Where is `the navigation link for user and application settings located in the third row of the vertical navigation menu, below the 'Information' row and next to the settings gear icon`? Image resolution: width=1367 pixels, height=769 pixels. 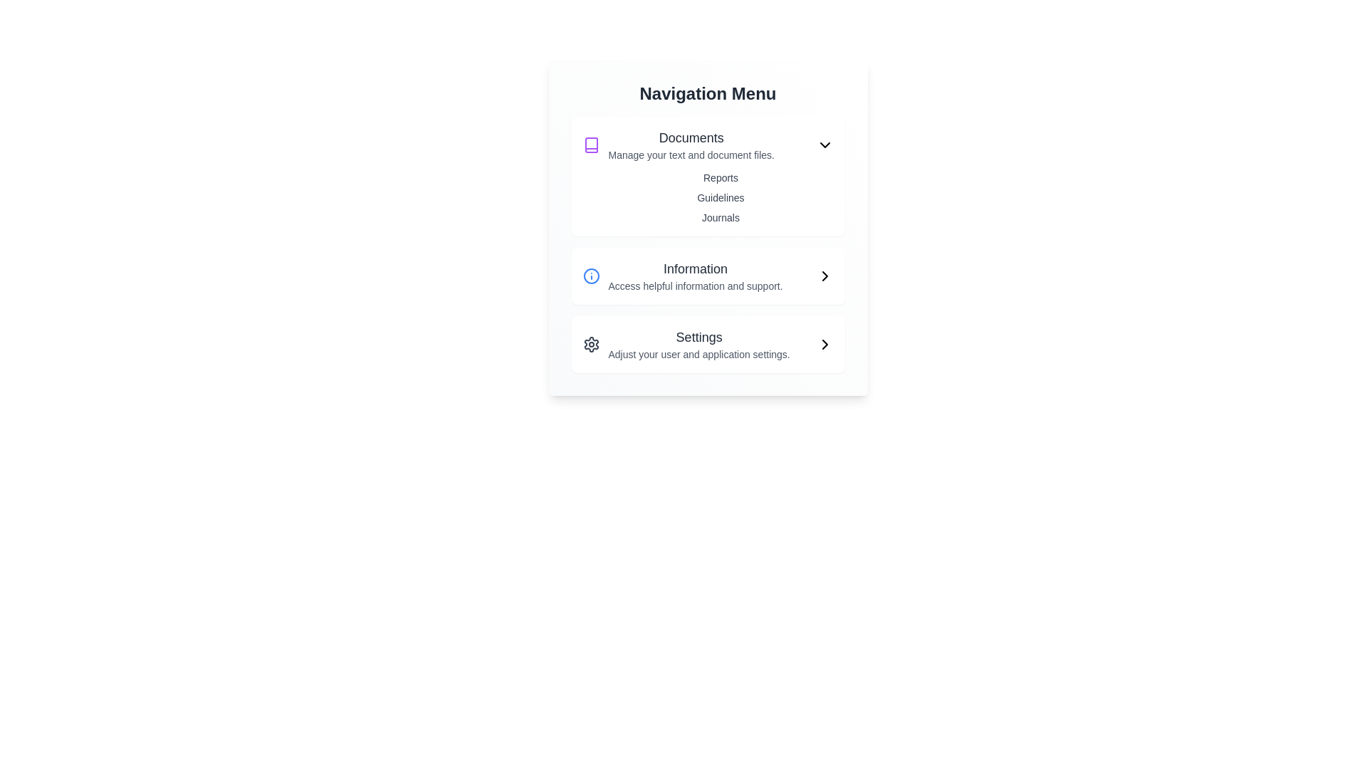 the navigation link for user and application settings located in the third row of the vertical navigation menu, below the 'Information' row and next to the settings gear icon is located at coordinates (699, 344).